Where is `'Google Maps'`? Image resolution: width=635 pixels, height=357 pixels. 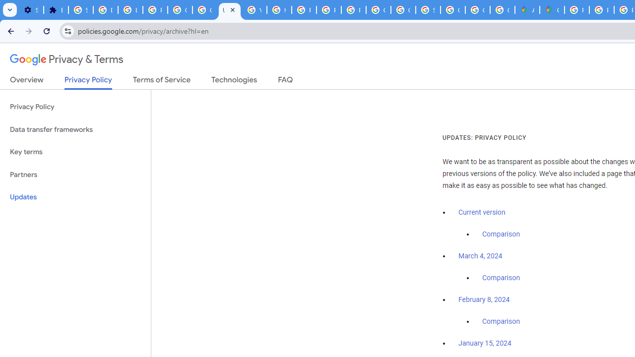 'Google Maps' is located at coordinates (551, 10).